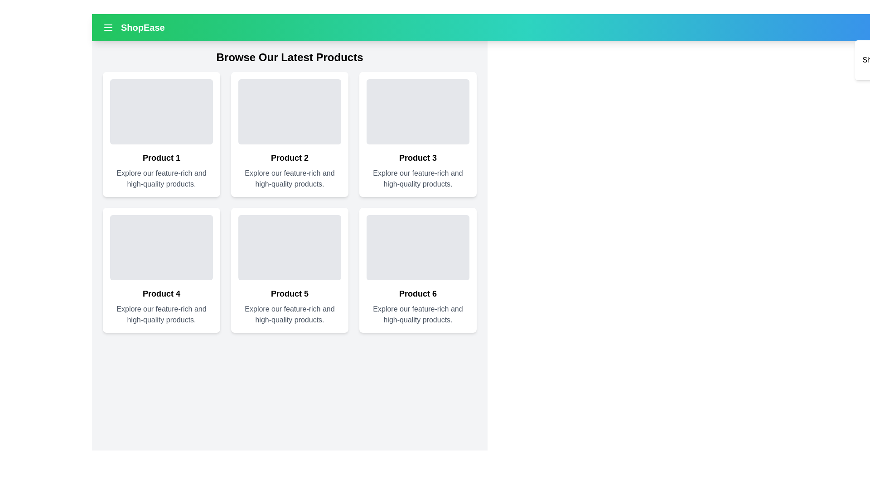  Describe the element at coordinates (161, 134) in the screenshot. I see `the product card located in the first column and first row of the grid layout` at that location.